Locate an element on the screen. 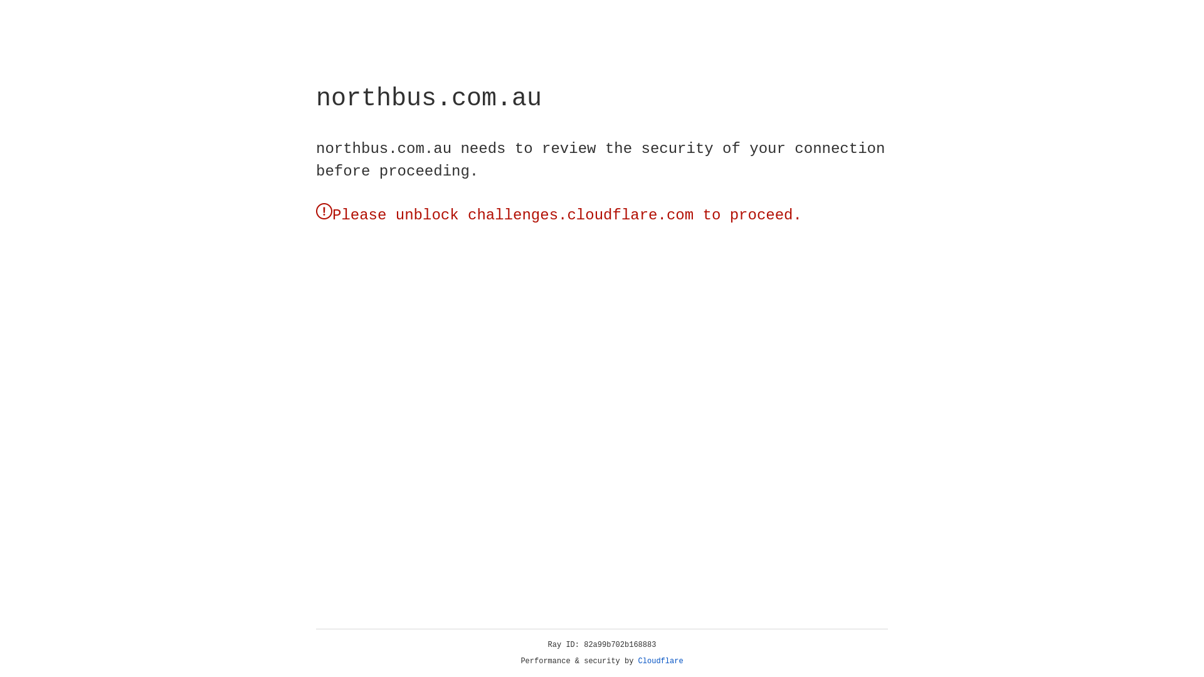 This screenshot has height=677, width=1204. 'Cloudflare' is located at coordinates (638, 661).